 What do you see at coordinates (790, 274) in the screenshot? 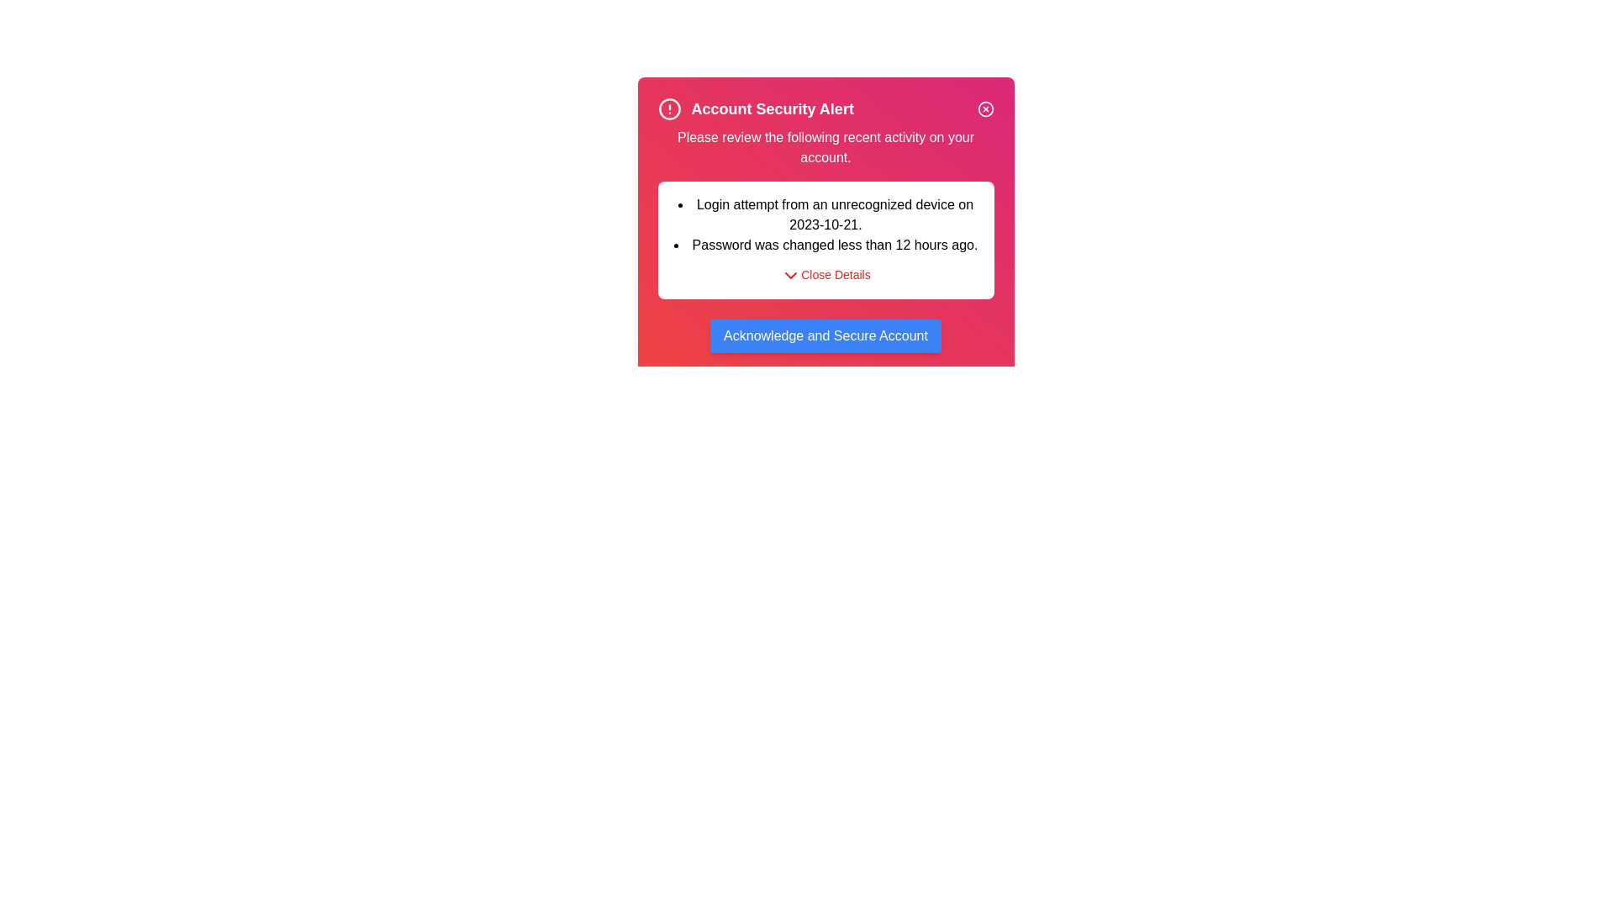
I see `the downward-pointing Chevron icon` at bounding box center [790, 274].